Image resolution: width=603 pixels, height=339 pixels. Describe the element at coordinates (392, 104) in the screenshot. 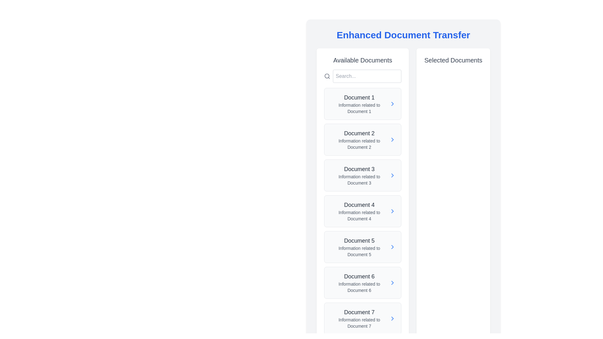

I see `the navigational icon for 'Document 1' to observe the color change` at that location.